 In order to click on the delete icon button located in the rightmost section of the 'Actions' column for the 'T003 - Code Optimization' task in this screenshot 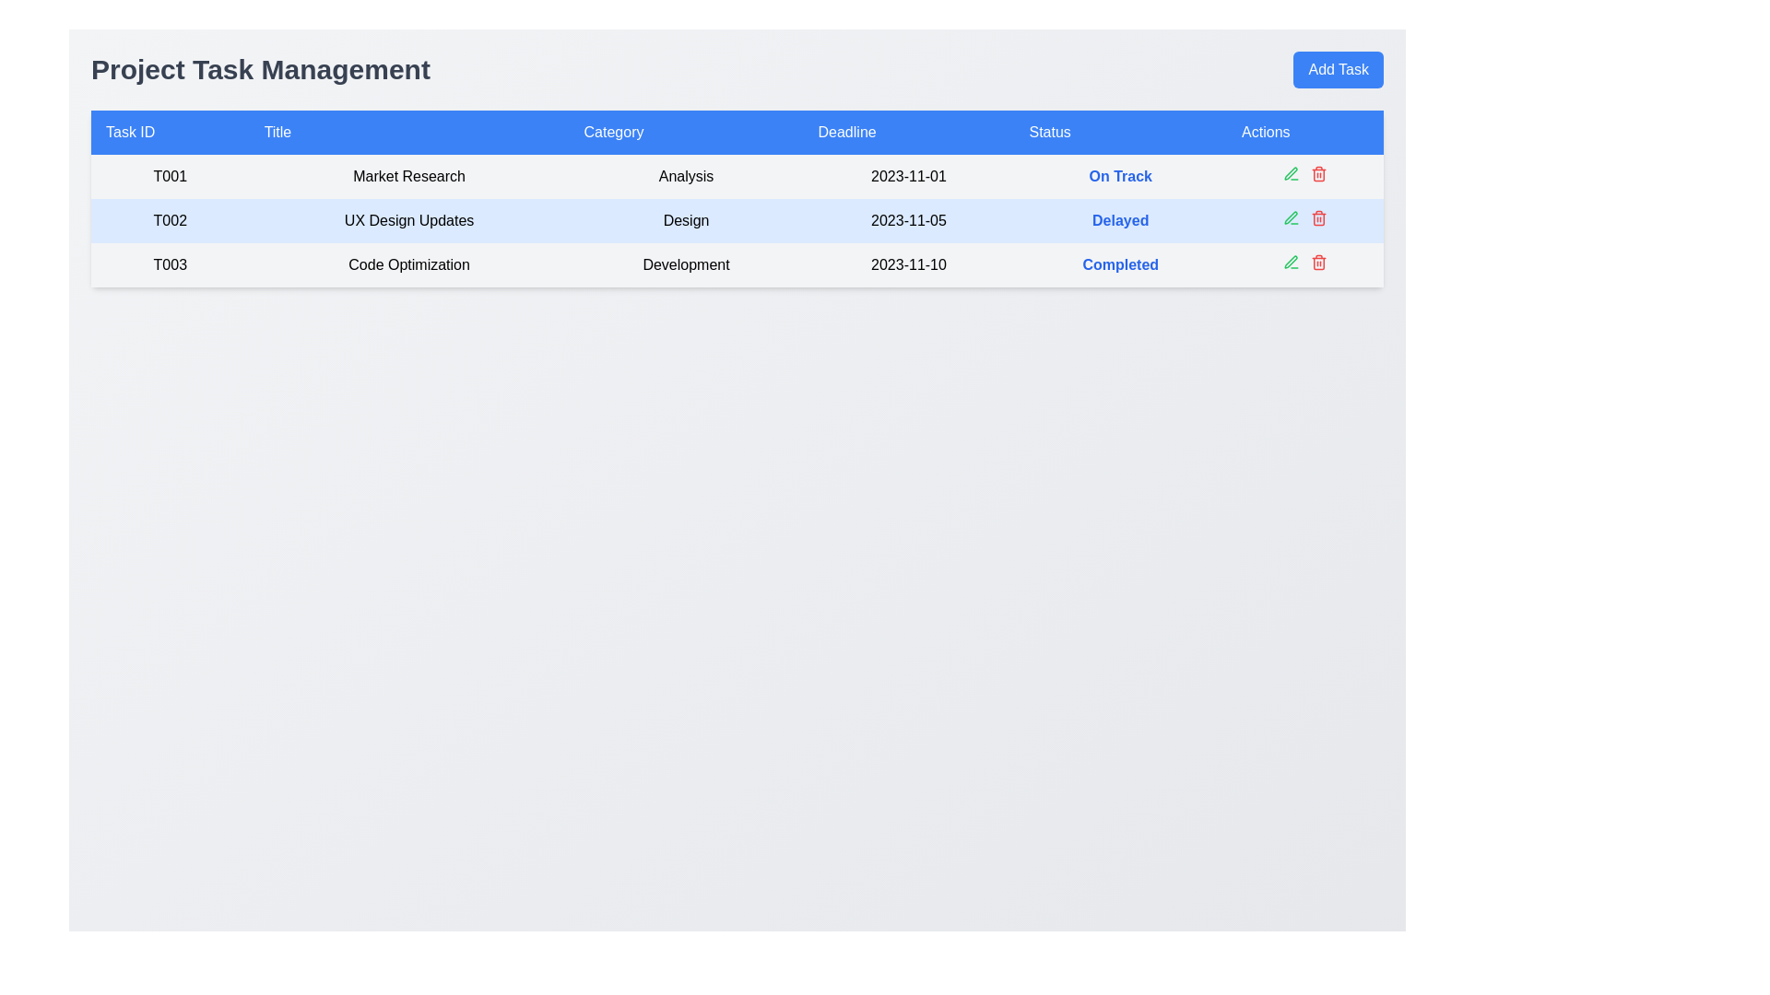, I will do `click(1317, 263)`.